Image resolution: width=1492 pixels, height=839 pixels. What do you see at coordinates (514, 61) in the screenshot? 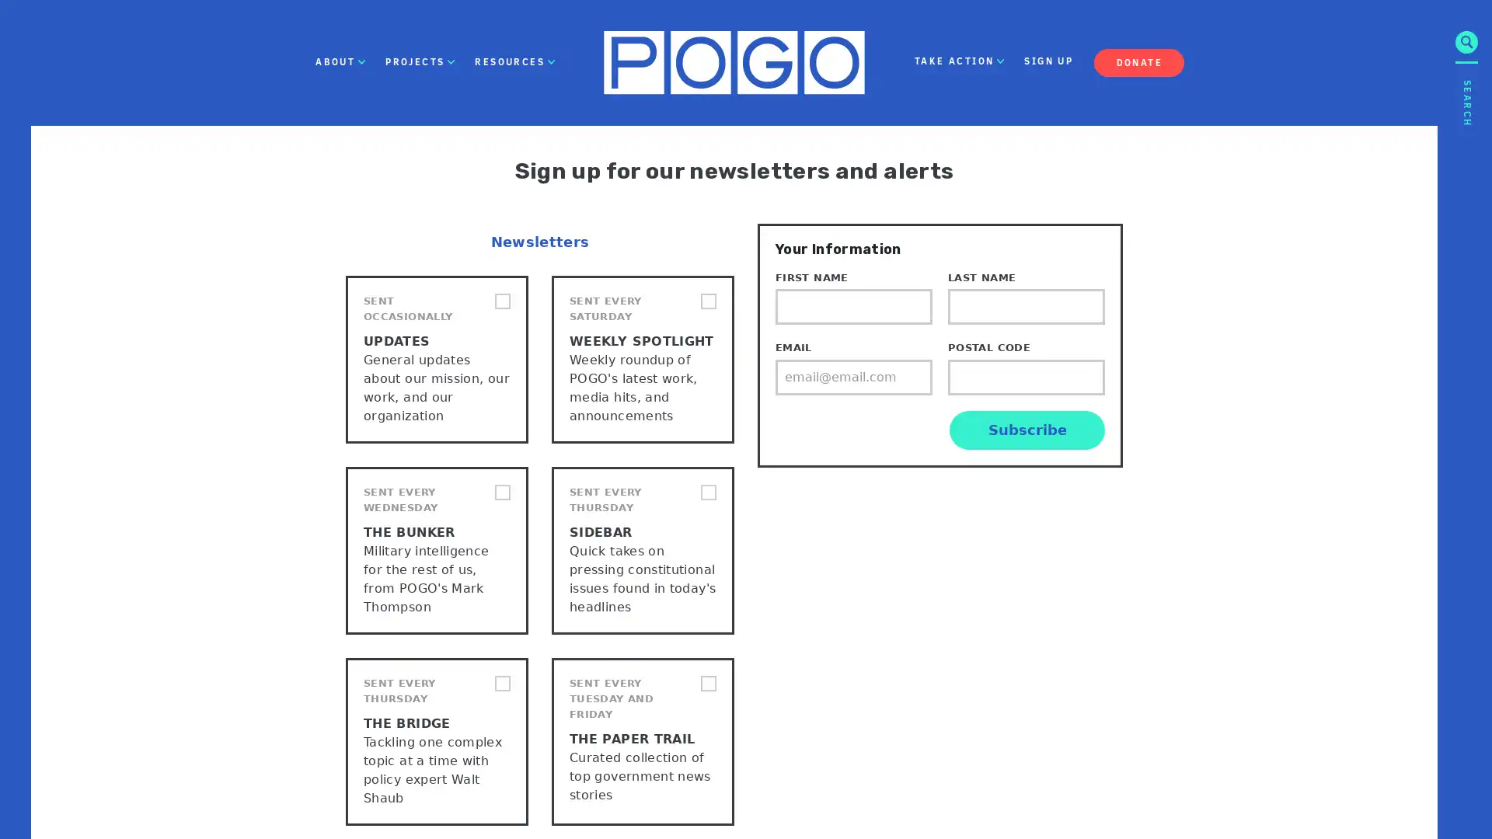
I see `RESOURCES` at bounding box center [514, 61].